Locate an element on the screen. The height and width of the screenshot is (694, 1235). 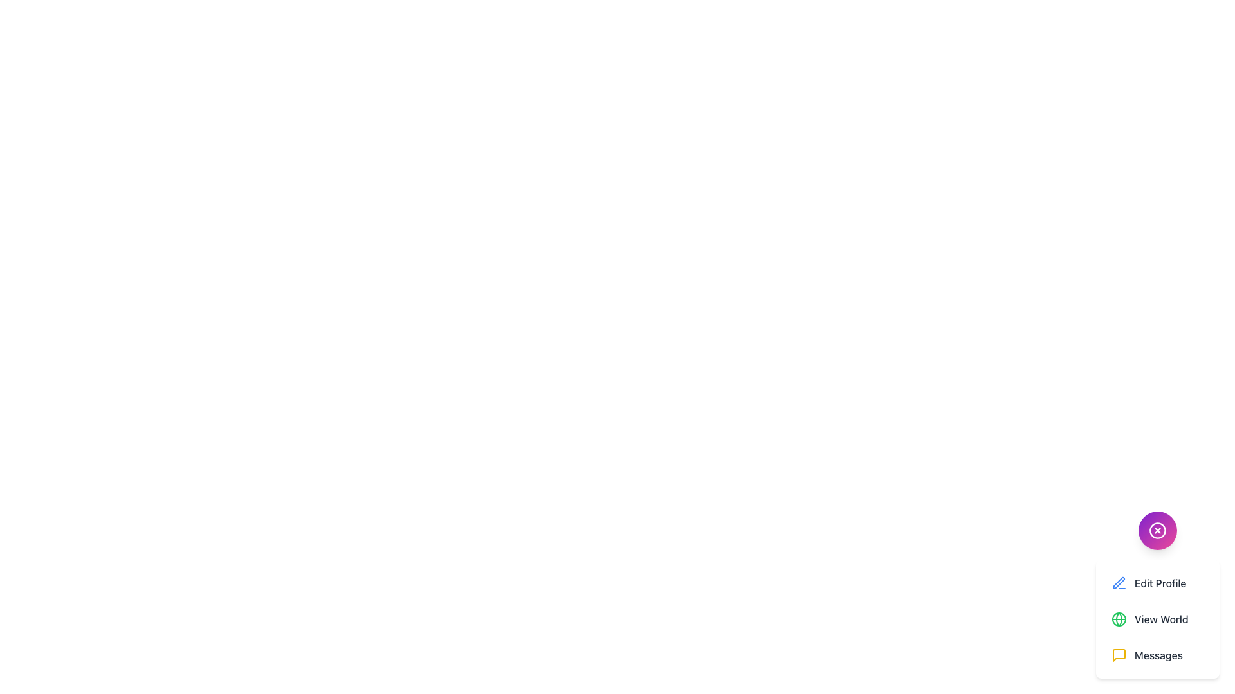
the text label displaying 'View World', which is the second item in the menu box below the circular button is located at coordinates (1161, 619).